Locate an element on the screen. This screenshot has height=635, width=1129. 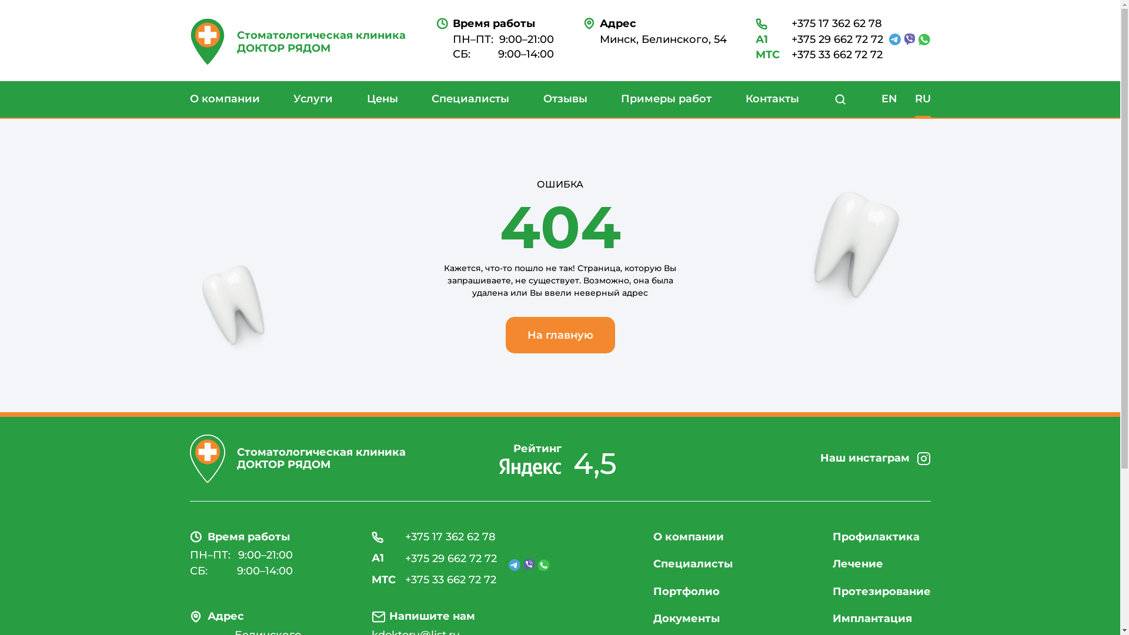
'EN' is located at coordinates (888, 99).